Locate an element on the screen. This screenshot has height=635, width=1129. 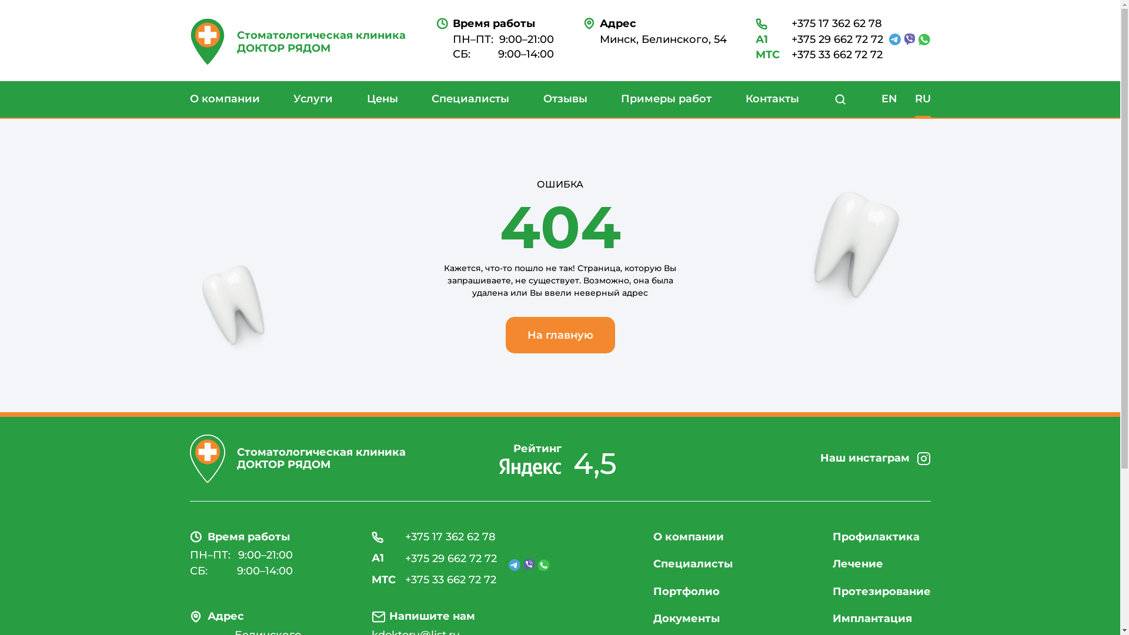
'EN' is located at coordinates (888, 99).